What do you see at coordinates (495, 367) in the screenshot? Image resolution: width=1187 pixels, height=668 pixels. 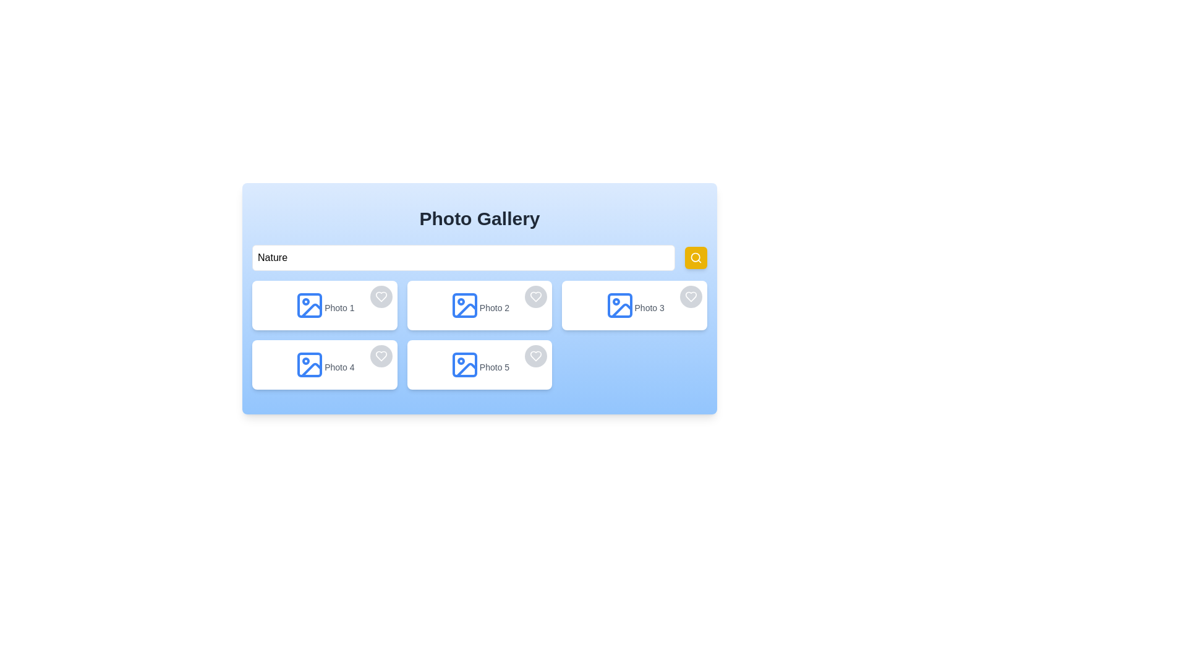 I see `the Text label located beneath the image icon in the card positioned in the second row, last column of the grid` at bounding box center [495, 367].